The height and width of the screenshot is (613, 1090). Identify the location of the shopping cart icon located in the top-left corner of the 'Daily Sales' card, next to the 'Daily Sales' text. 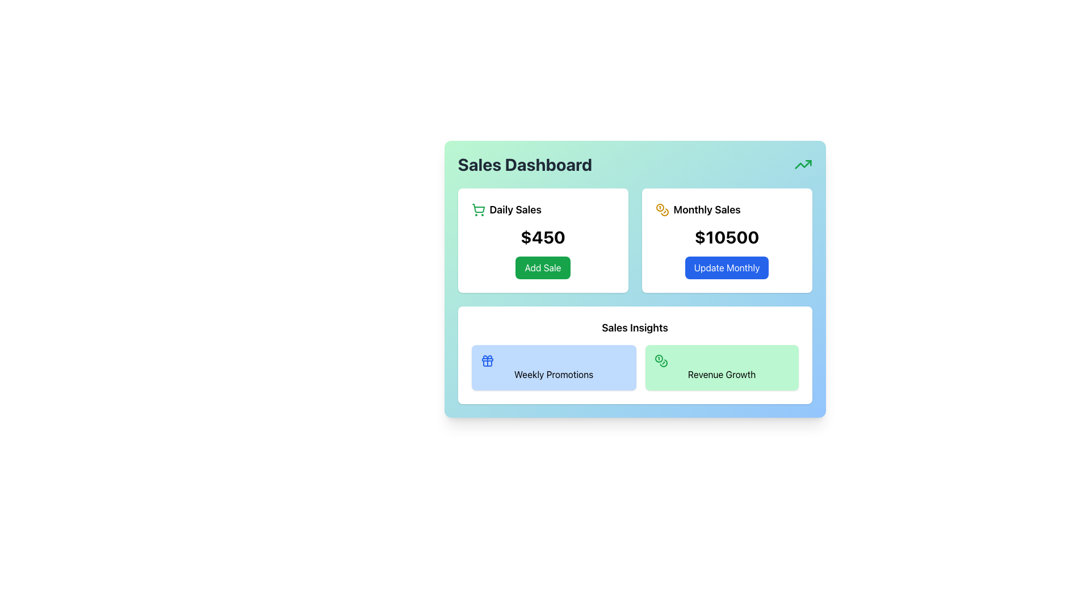
(478, 210).